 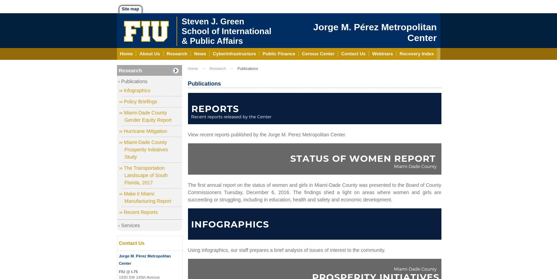 I want to click on 'Services', so click(x=130, y=225).